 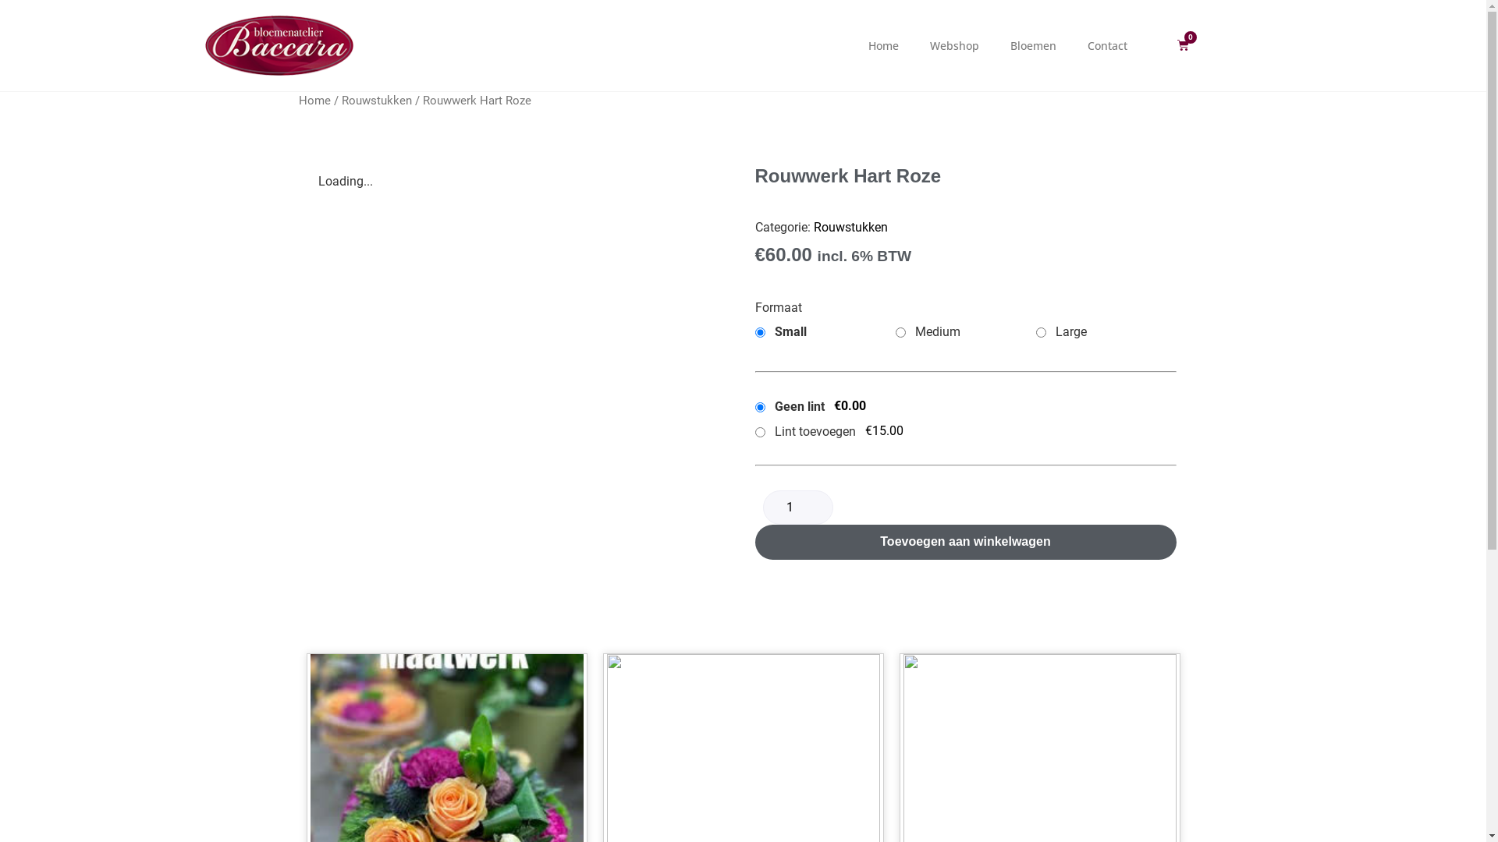 I want to click on 'Webshop', so click(x=953, y=44).